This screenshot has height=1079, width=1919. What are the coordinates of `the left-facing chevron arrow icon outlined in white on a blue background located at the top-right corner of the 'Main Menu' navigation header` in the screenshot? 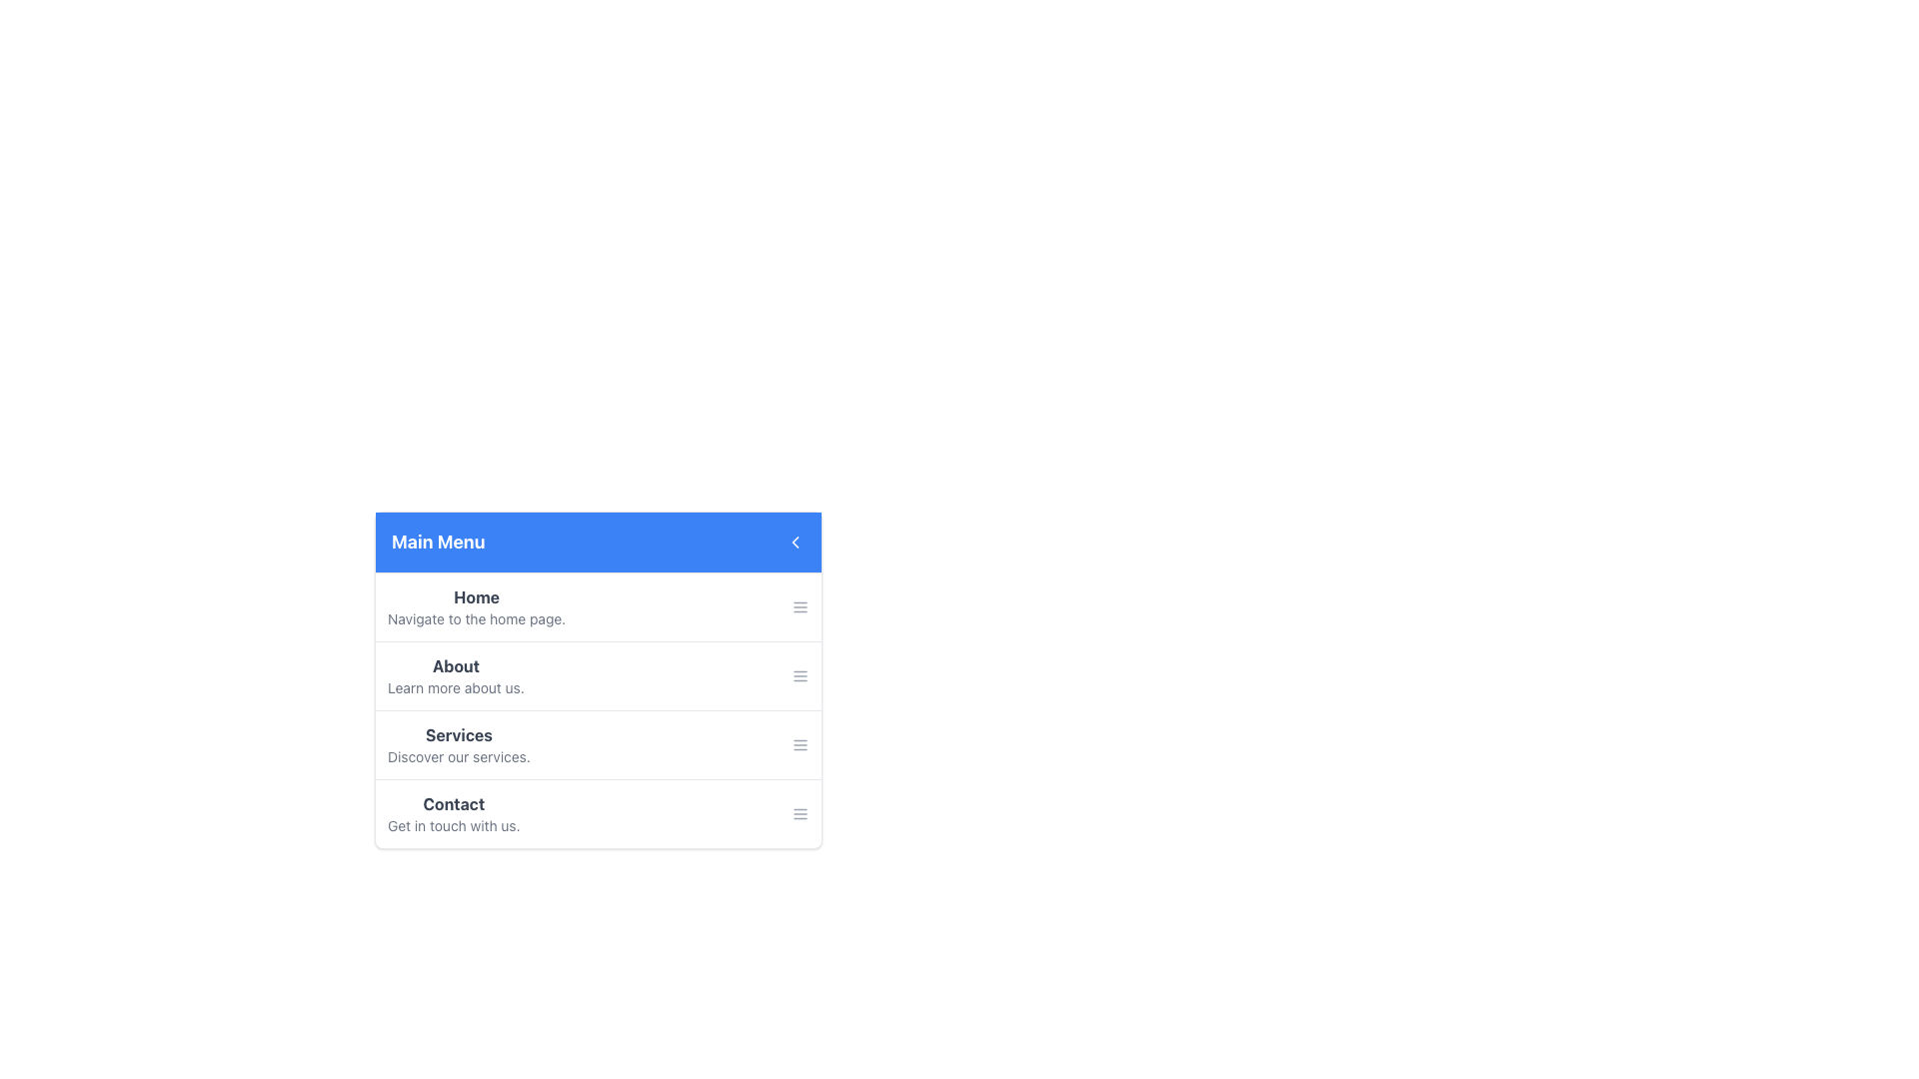 It's located at (795, 542).